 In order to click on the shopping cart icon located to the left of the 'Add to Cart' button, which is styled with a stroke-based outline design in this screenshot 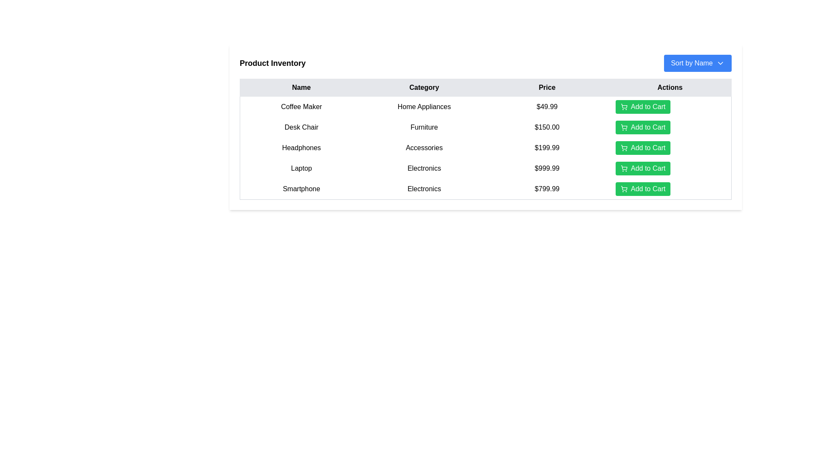, I will do `click(624, 107)`.